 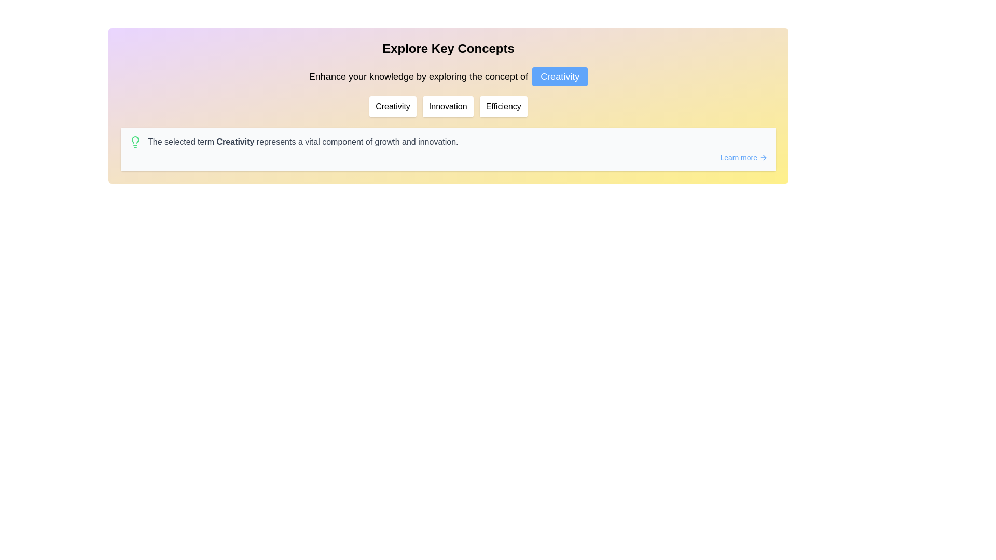 I want to click on the 'Efficiency' button, which is the third button in a series of three buttons labeled 'Creativity', 'Innovation', and 'Efficiency', to observe the hover effect, so click(x=503, y=106).